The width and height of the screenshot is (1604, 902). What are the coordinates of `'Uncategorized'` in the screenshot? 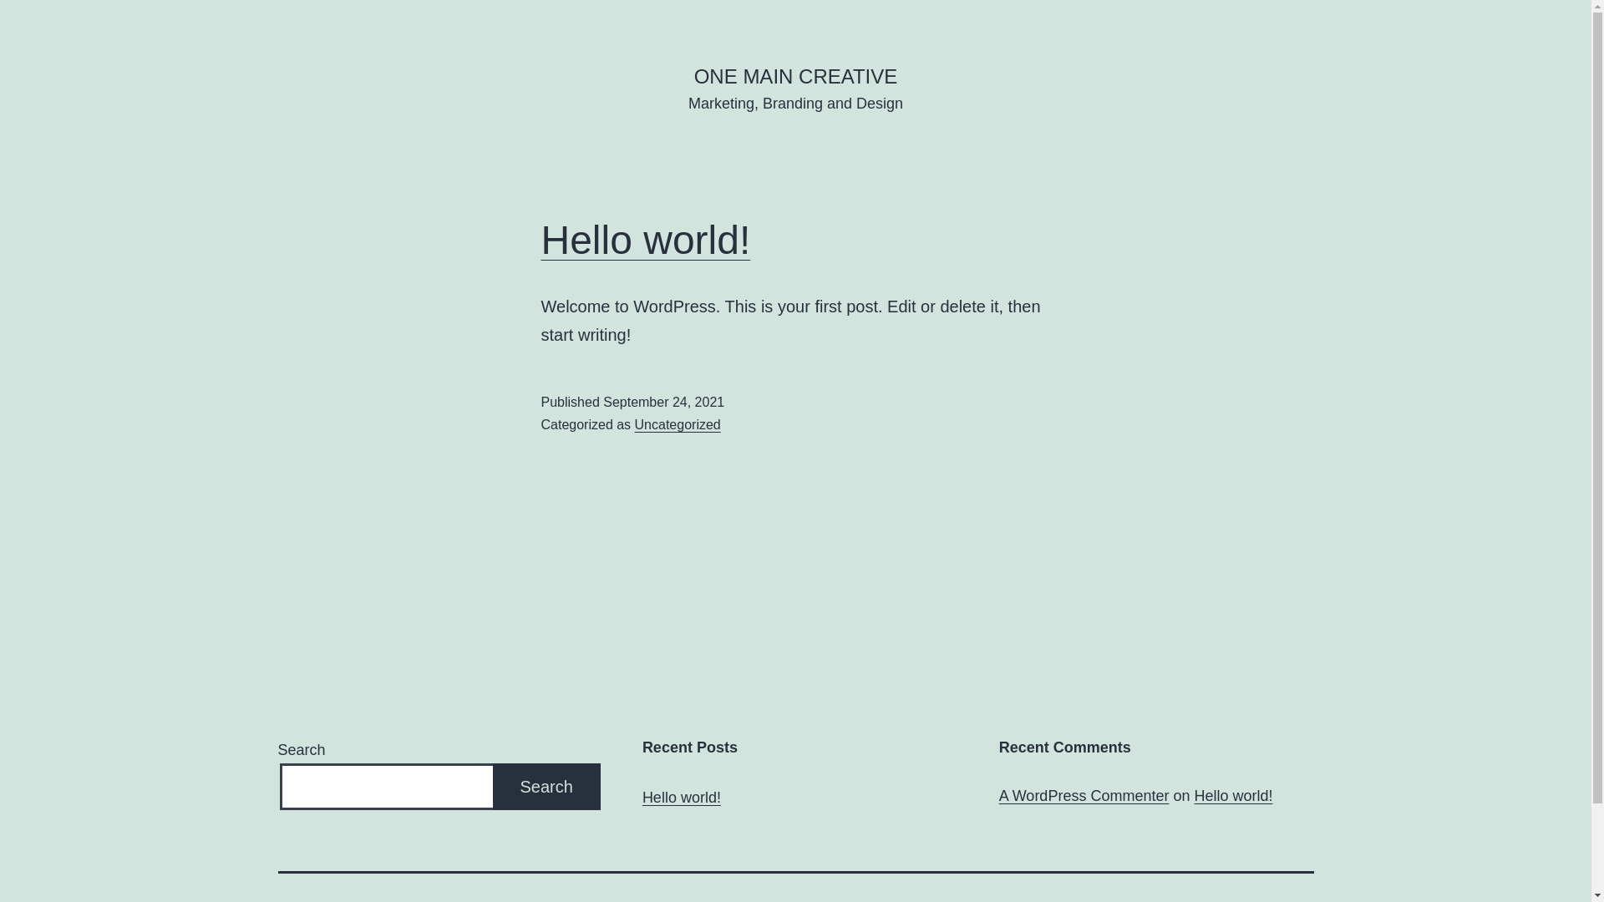 It's located at (678, 423).